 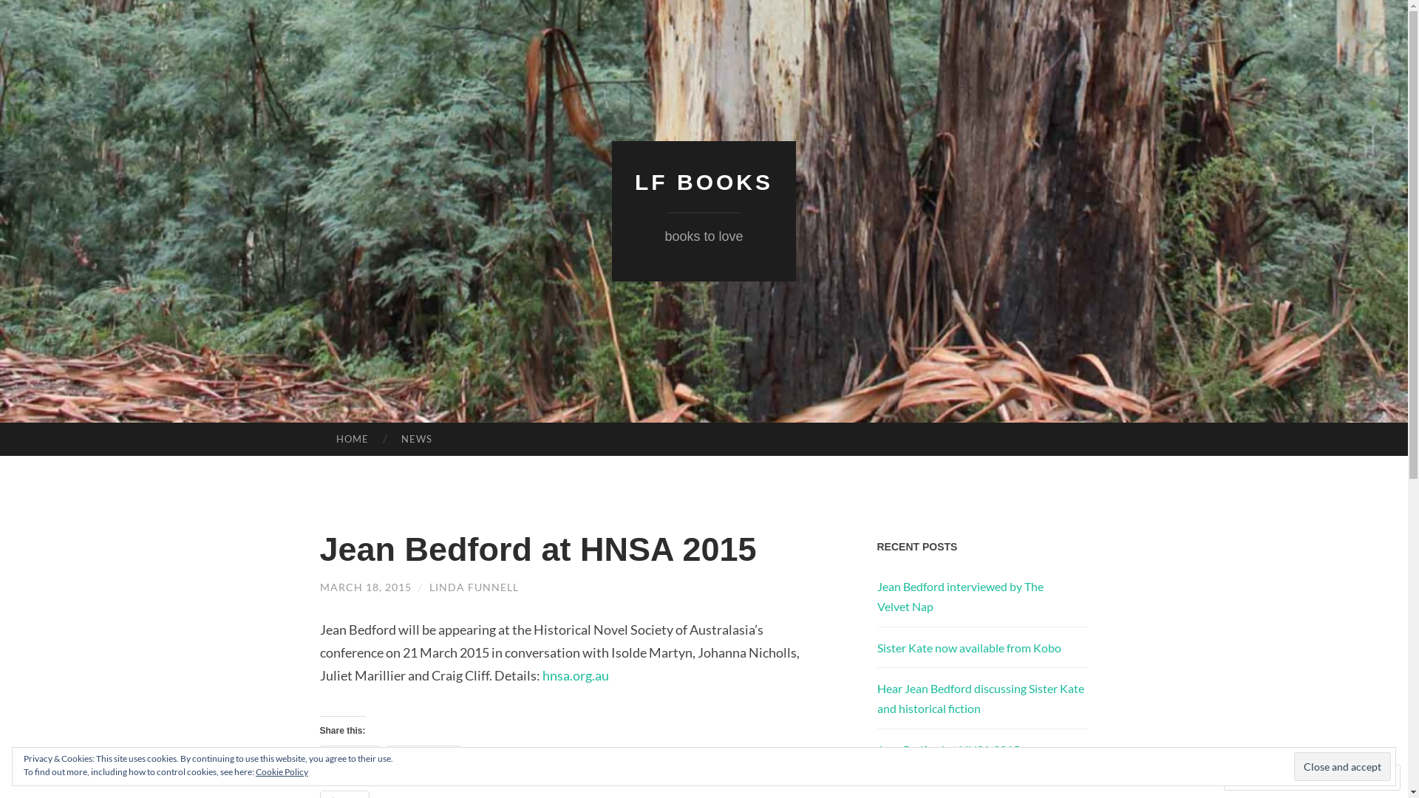 I want to click on 'NEWS', so click(x=416, y=438).